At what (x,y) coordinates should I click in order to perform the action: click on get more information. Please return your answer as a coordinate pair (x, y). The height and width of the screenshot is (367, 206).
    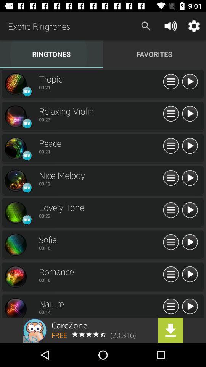
    Looking at the image, I should click on (171, 114).